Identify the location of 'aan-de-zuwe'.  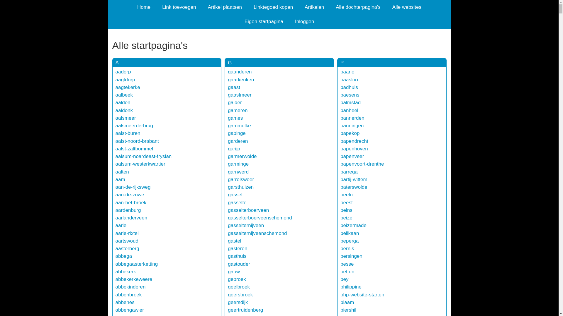
(129, 195).